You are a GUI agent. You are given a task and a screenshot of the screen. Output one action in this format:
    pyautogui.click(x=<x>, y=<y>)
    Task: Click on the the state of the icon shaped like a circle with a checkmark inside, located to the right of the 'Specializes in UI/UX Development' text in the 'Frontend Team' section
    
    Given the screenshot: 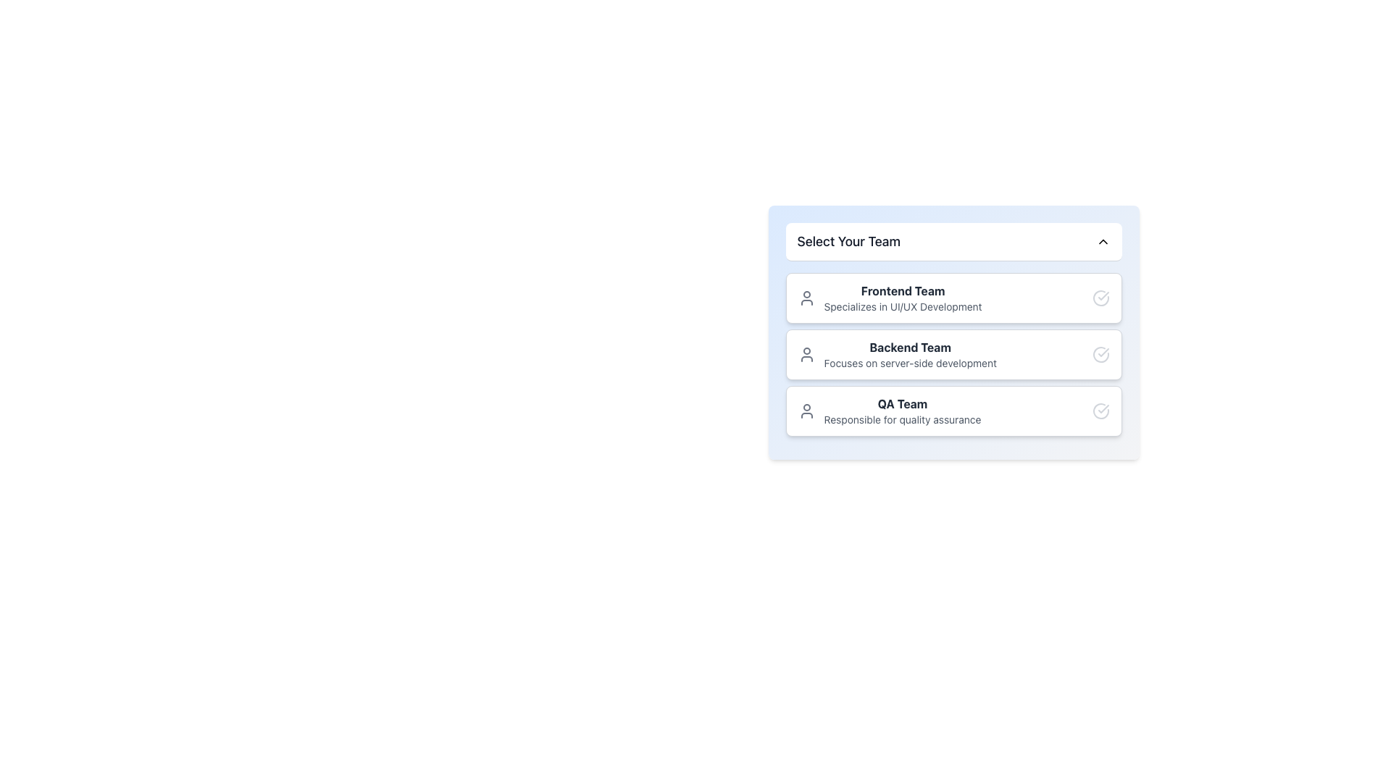 What is the action you would take?
    pyautogui.click(x=1100, y=298)
    